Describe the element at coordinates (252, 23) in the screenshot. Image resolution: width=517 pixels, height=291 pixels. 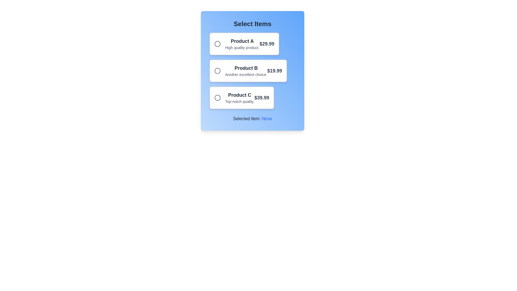
I see `the Text Label that serves as a heading for the card, located at the top-center of the card above the list of product items` at that location.